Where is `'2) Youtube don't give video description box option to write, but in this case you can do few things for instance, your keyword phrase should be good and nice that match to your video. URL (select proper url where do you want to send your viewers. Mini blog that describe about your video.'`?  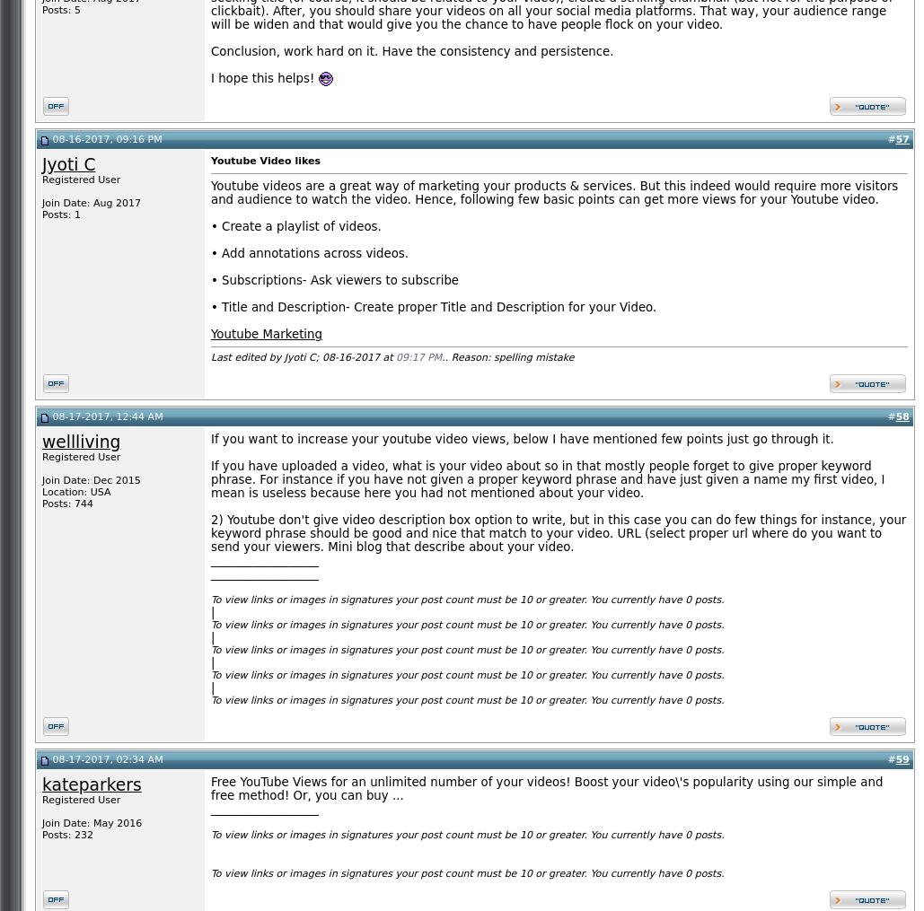 '2) Youtube don't give video description box option to write, but in this case you can do few things for instance, your keyword phrase should be good and nice that match to your video. URL (select proper url where do you want to send your viewers. Mini blog that describe about your video.' is located at coordinates (559, 532).